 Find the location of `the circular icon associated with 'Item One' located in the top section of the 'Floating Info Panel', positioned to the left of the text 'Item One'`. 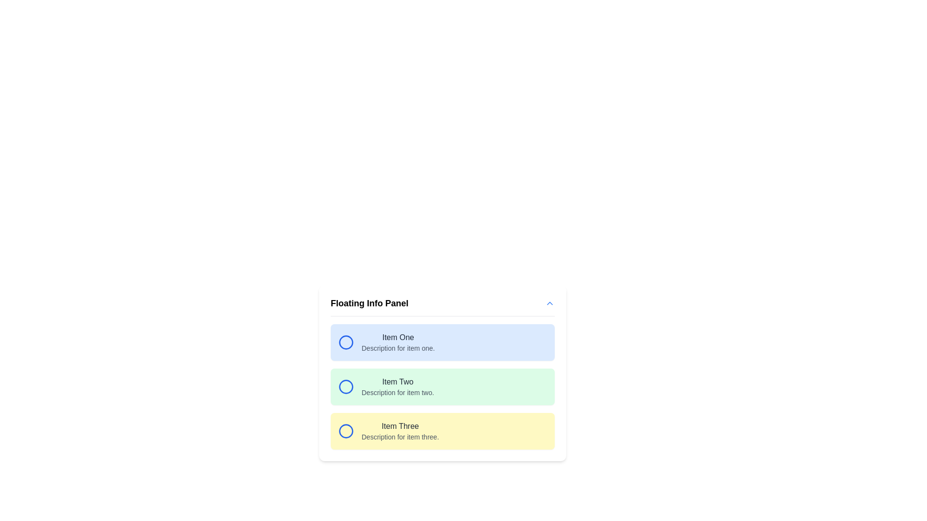

the circular icon associated with 'Item One' located in the top section of the 'Floating Info Panel', positioned to the left of the text 'Item One' is located at coordinates (346, 342).